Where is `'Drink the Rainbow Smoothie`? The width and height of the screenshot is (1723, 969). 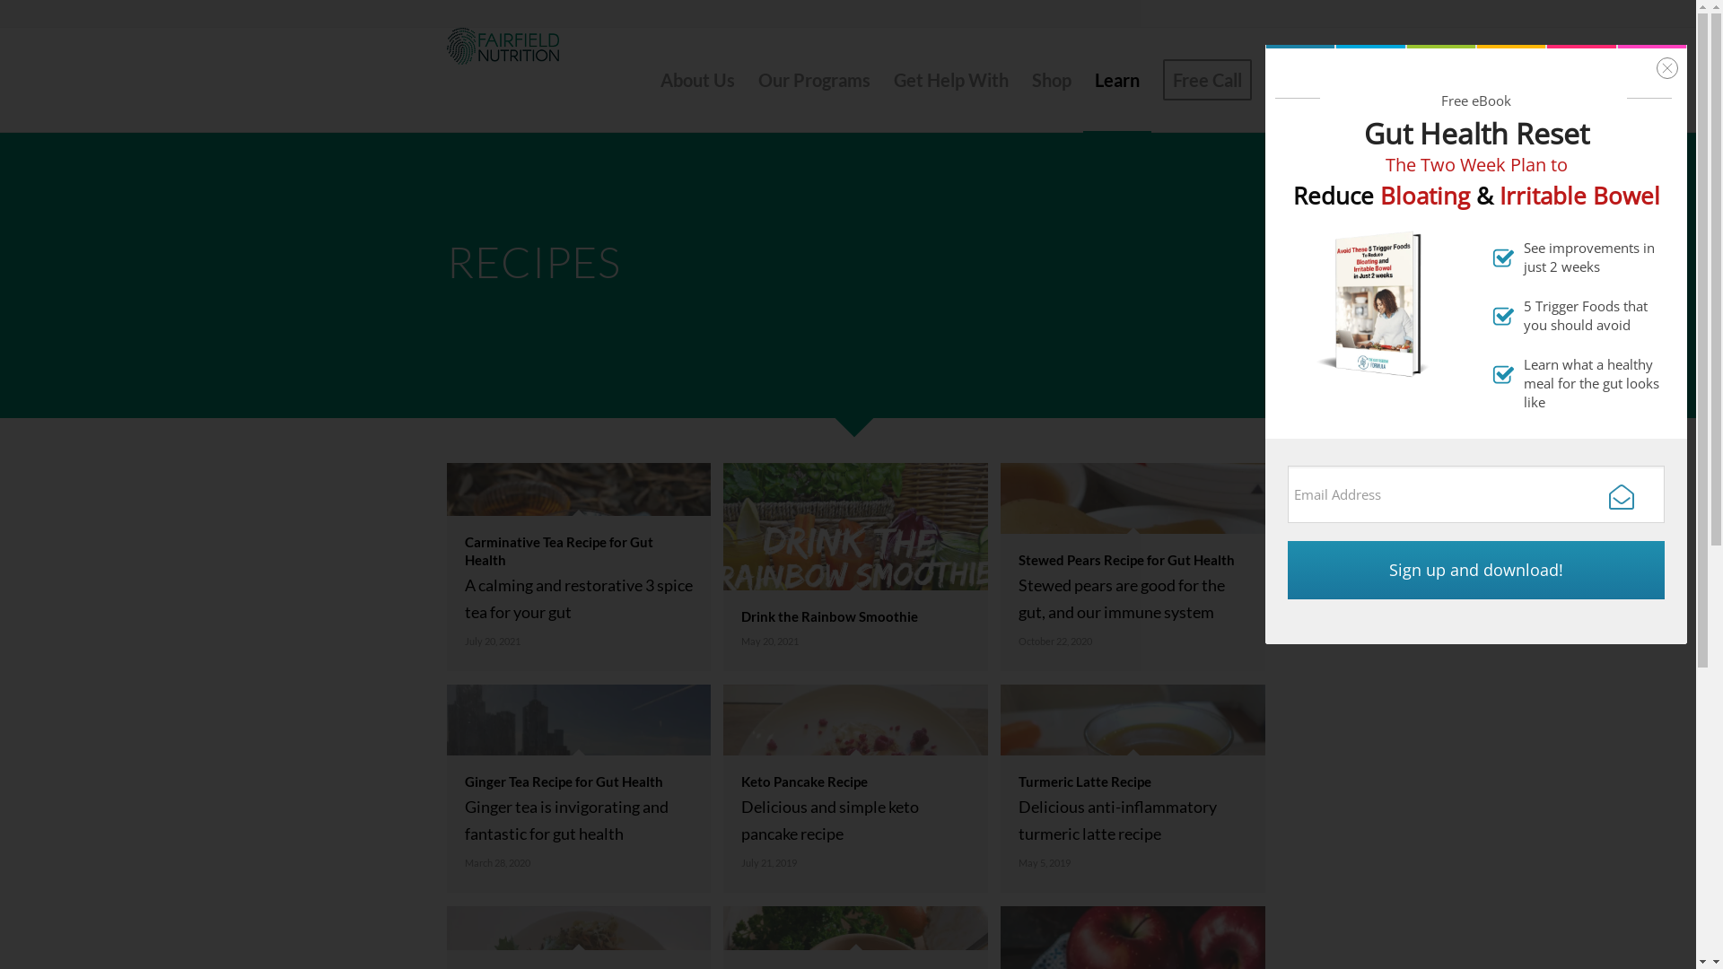 'Drink the Rainbow Smoothie is located at coordinates (861, 573).